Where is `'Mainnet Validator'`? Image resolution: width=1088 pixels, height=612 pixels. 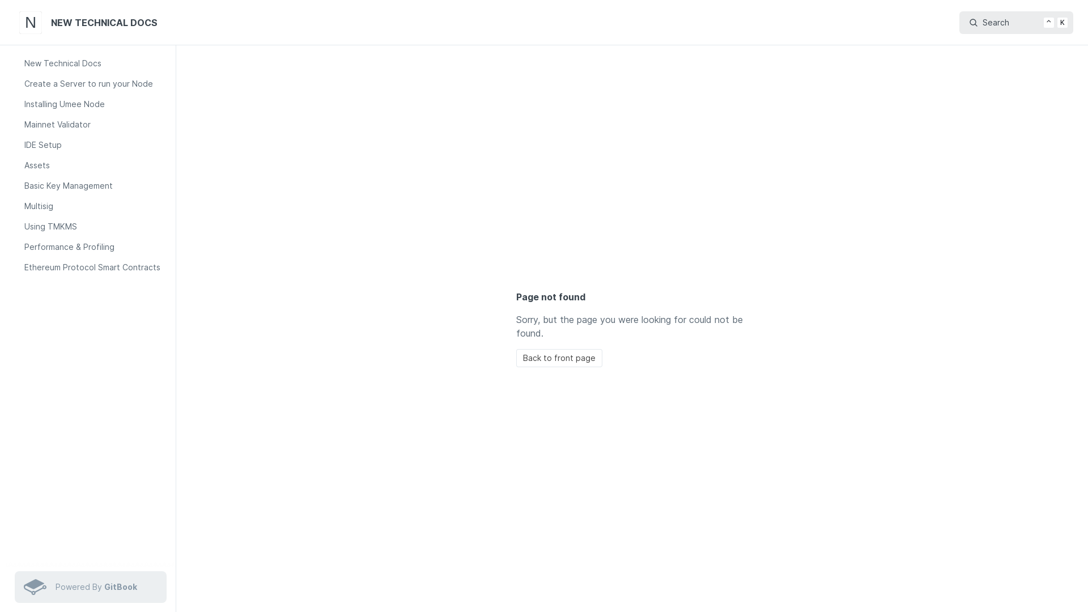
'Mainnet Validator' is located at coordinates (95, 124).